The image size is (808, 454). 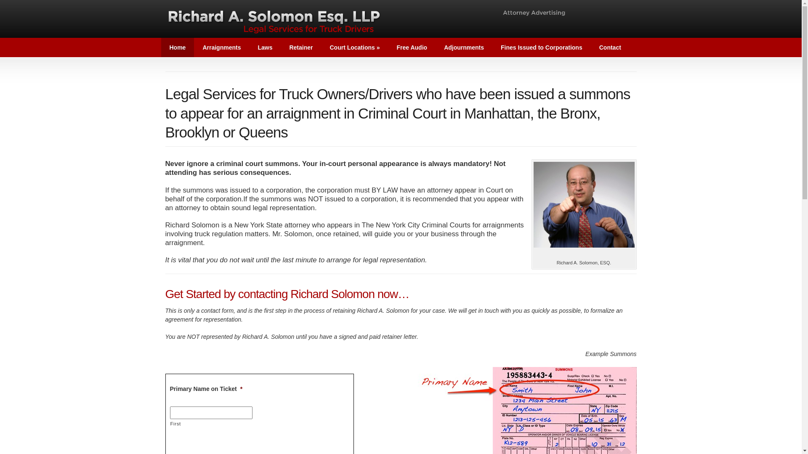 What do you see at coordinates (590, 47) in the screenshot?
I see `'Contact'` at bounding box center [590, 47].